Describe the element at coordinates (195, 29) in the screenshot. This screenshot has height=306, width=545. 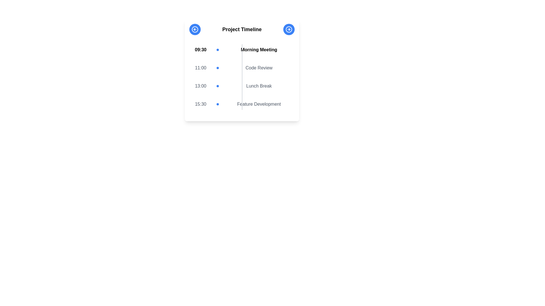
I see `the circular SVG component representing the left control icon in the 'Project Timeline' card` at that location.